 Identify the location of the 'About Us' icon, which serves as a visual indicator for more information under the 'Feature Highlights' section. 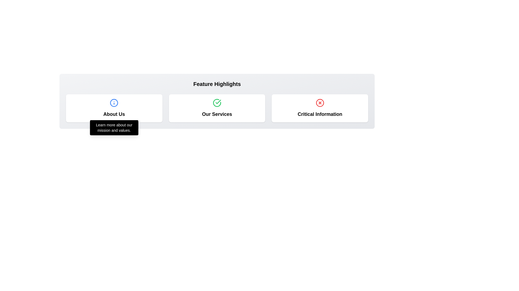
(114, 103).